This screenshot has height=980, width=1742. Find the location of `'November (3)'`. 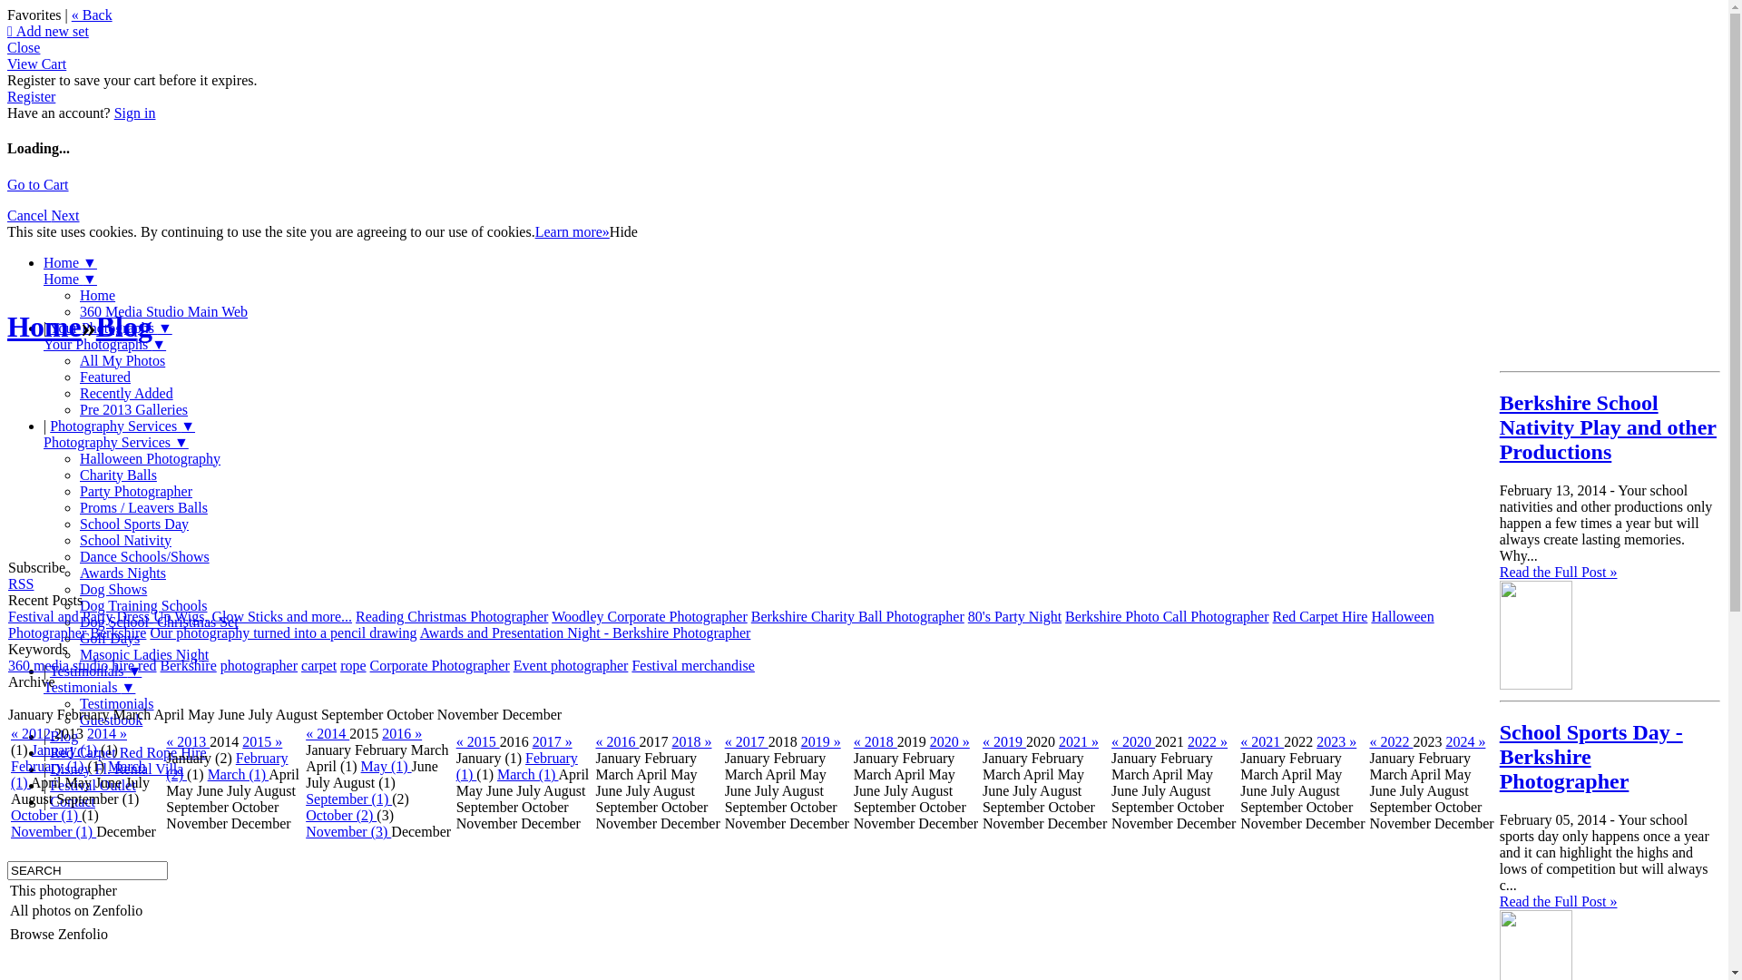

'November (3)' is located at coordinates (305, 831).